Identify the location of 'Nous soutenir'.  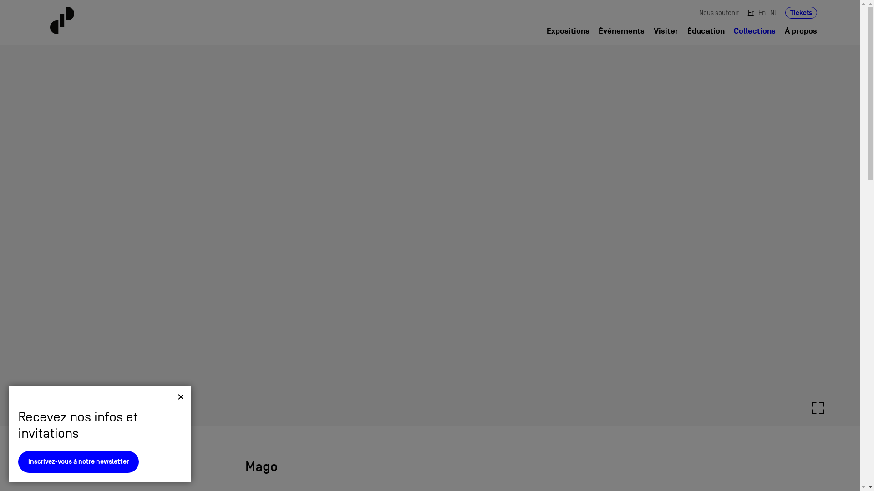
(718, 12).